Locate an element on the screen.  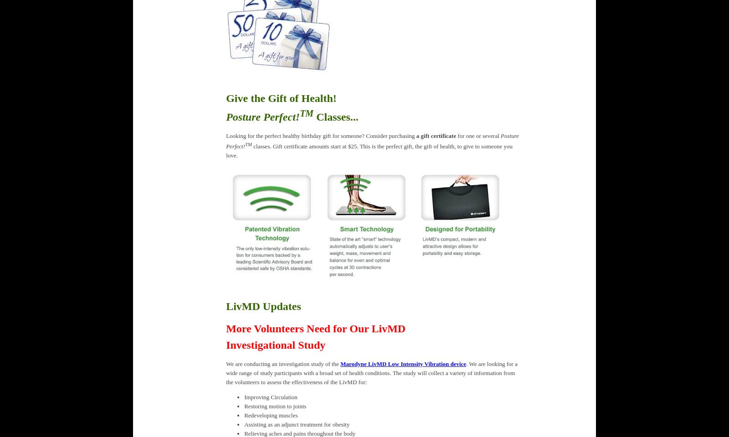
'a gift certificate' is located at coordinates (435, 135).